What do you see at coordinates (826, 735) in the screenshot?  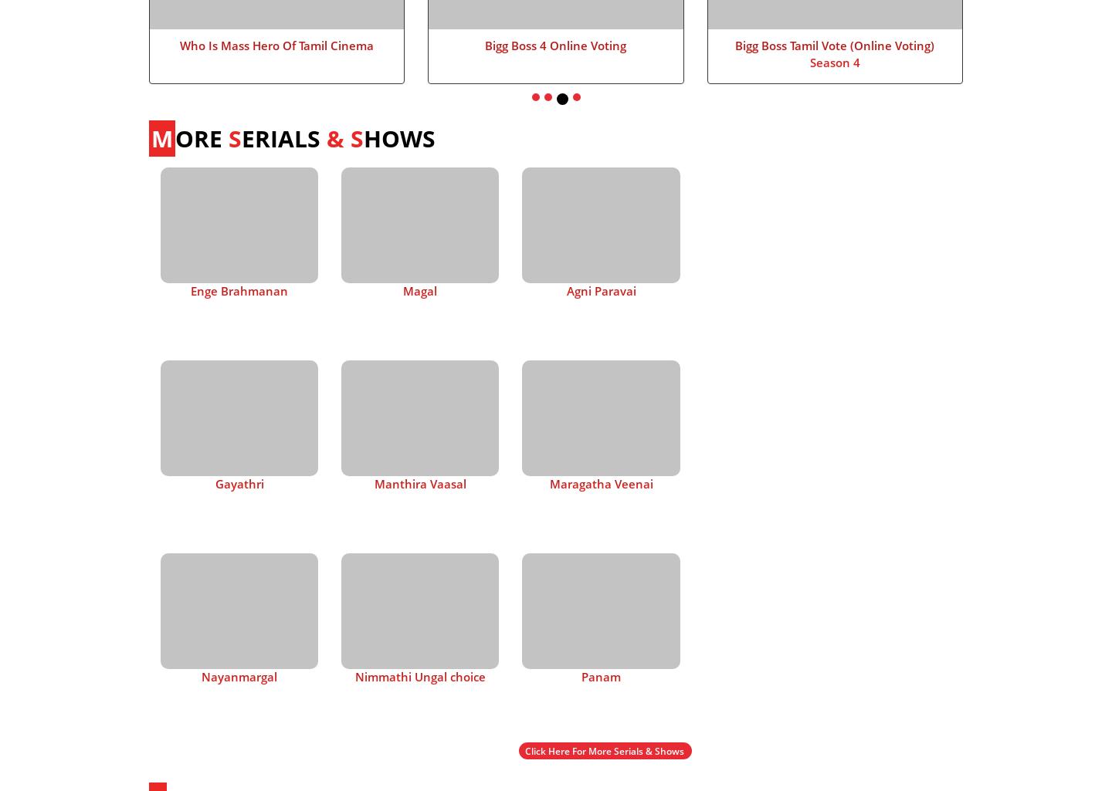 I see `'INDIA வும் ICC TROPHIES யும் 💔 | WTC Final 2021 | ..'` at bounding box center [826, 735].